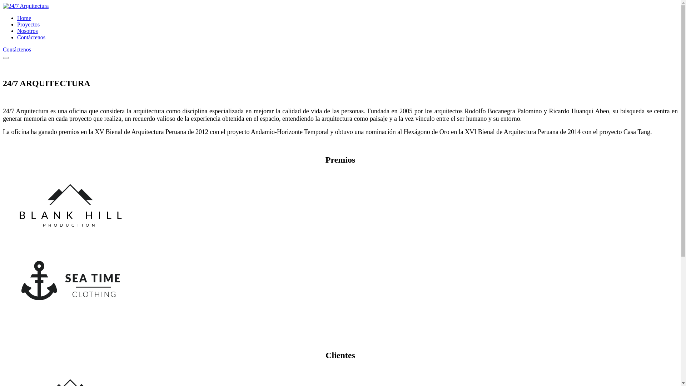 The image size is (686, 386). Describe the element at coordinates (24, 18) in the screenshot. I see `'Home'` at that location.